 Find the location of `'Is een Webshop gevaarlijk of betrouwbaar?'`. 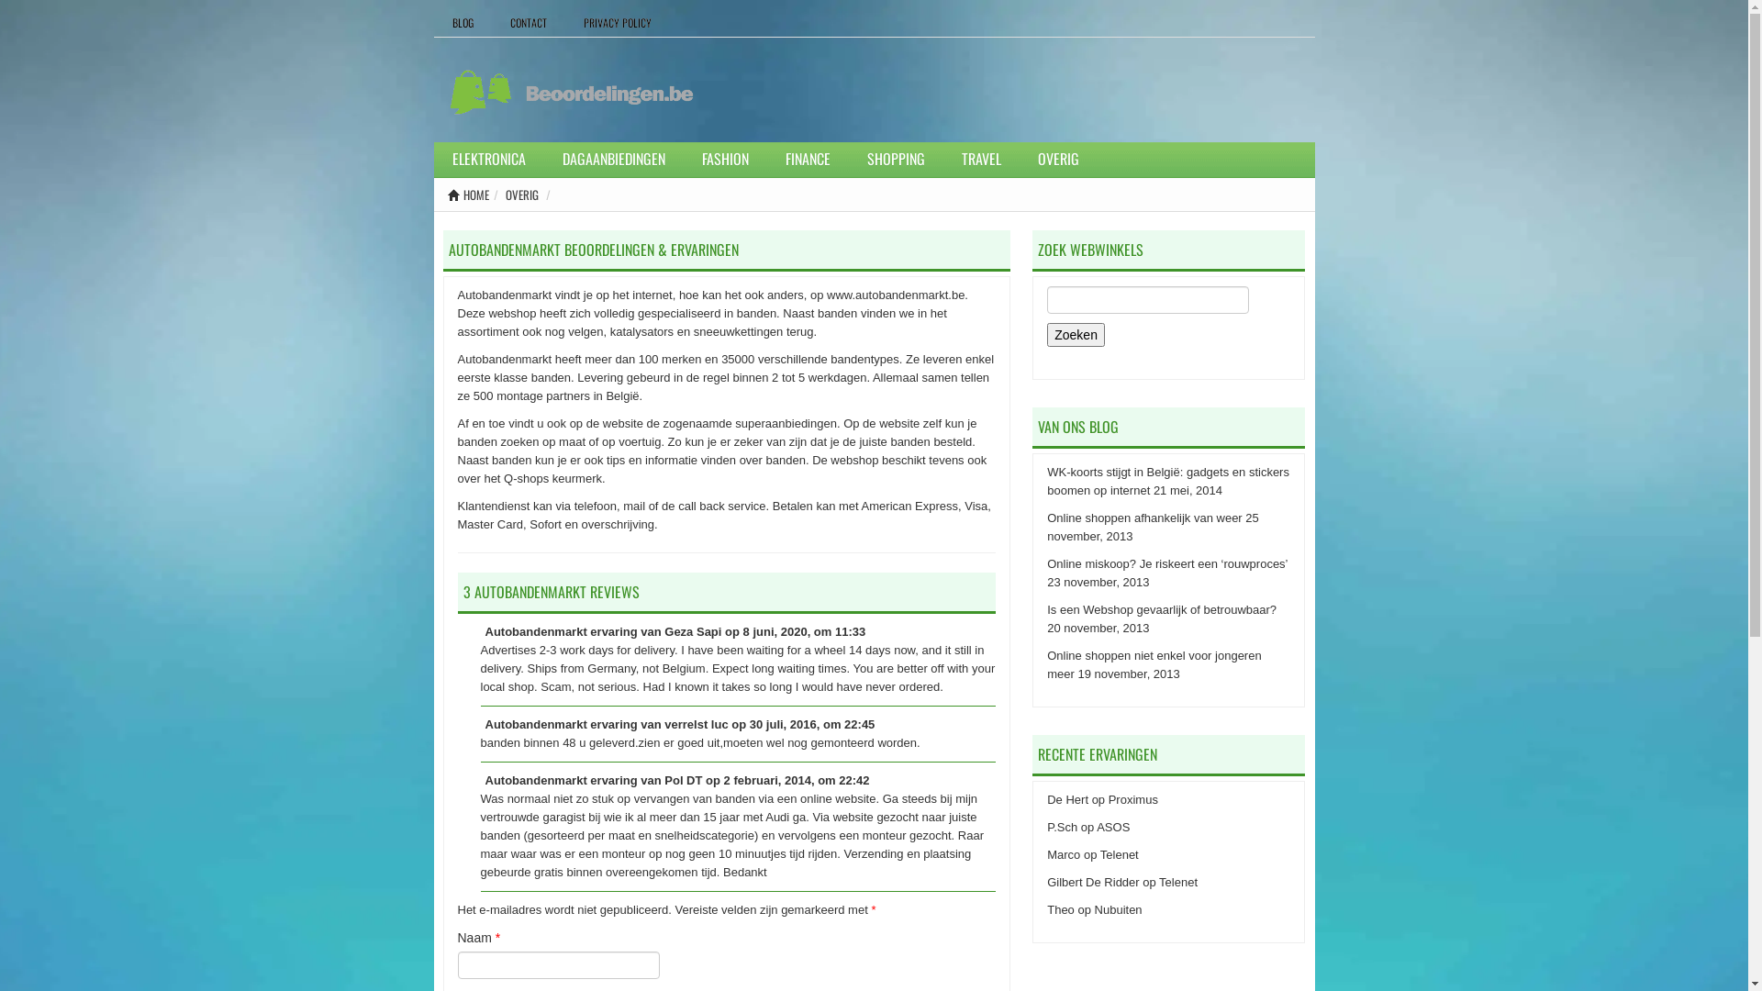

'Is een Webshop gevaarlijk of betrouwbaar?' is located at coordinates (1047, 609).